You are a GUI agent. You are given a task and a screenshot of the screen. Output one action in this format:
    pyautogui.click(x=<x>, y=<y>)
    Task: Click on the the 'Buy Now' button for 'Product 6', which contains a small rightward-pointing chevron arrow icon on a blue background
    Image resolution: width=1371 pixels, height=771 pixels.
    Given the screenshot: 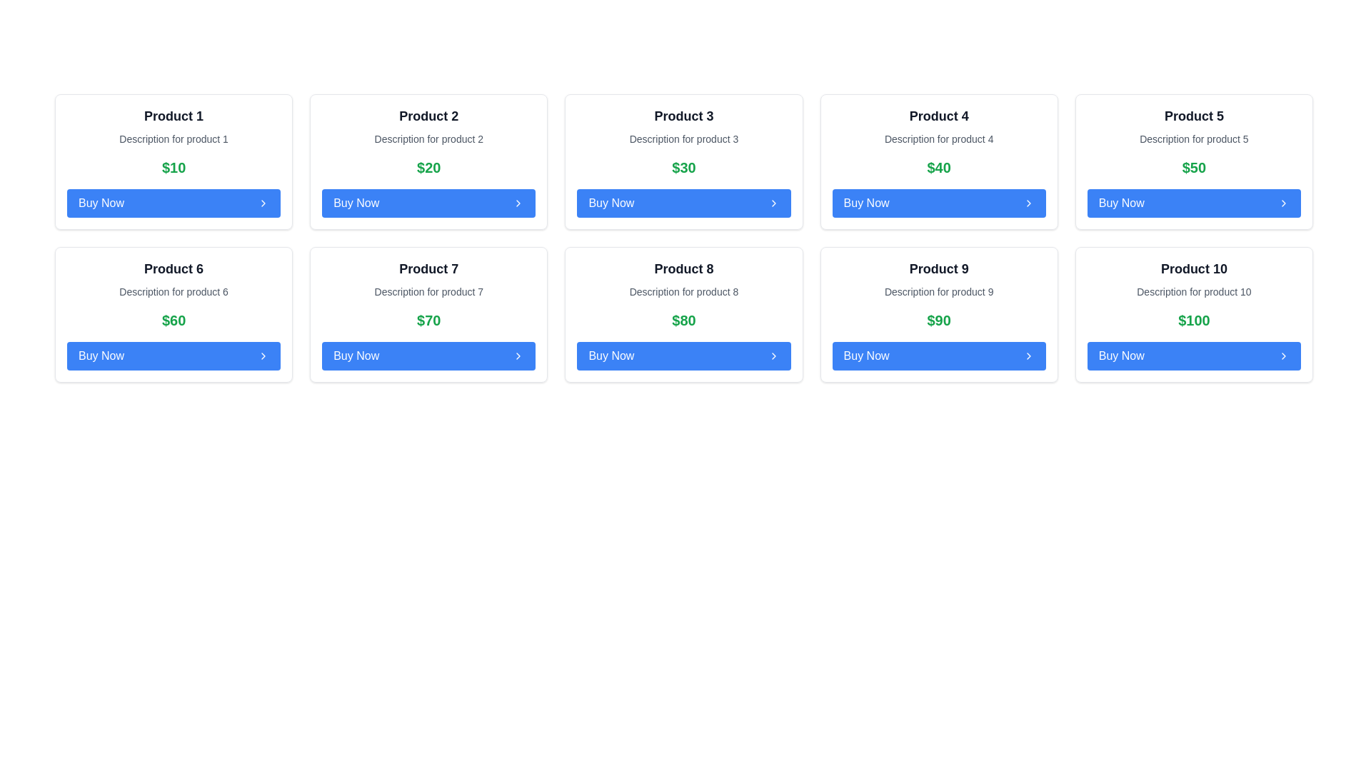 What is the action you would take?
    pyautogui.click(x=263, y=355)
    